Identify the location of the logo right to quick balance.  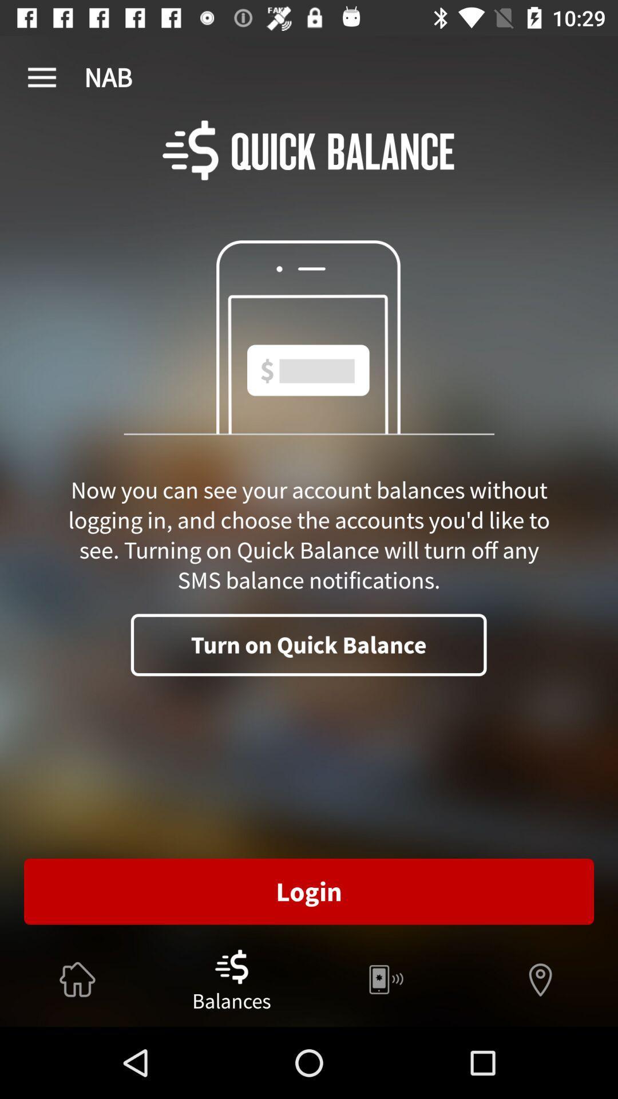
(189, 149).